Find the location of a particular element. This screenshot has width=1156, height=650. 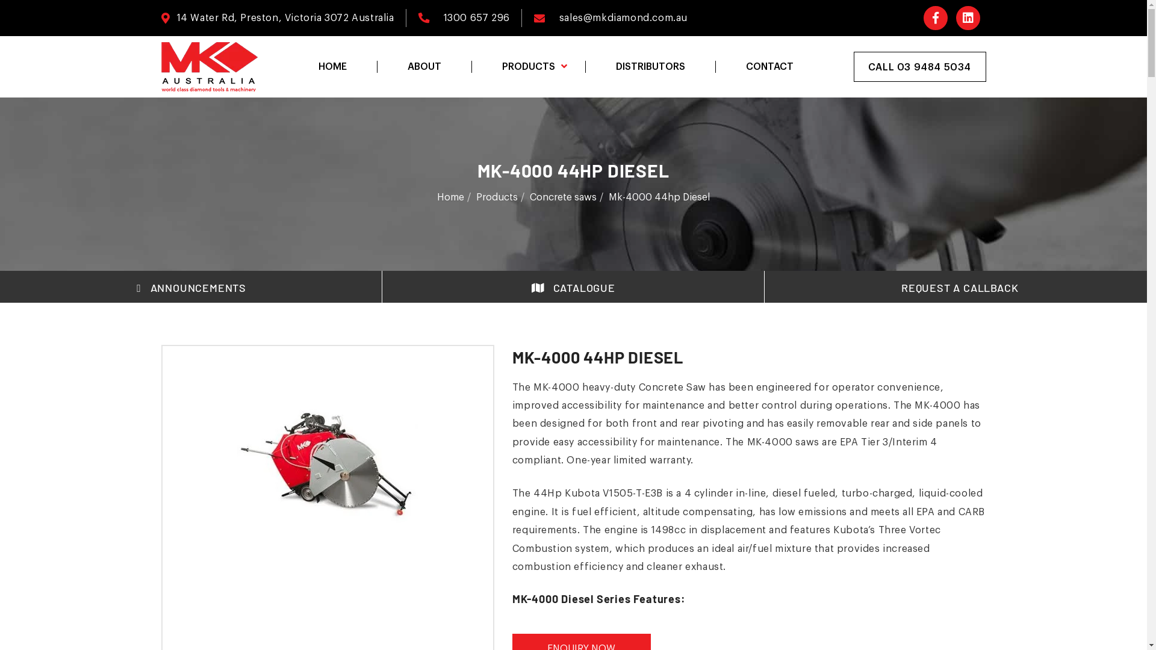

'Facebook' is located at coordinates (935, 18).